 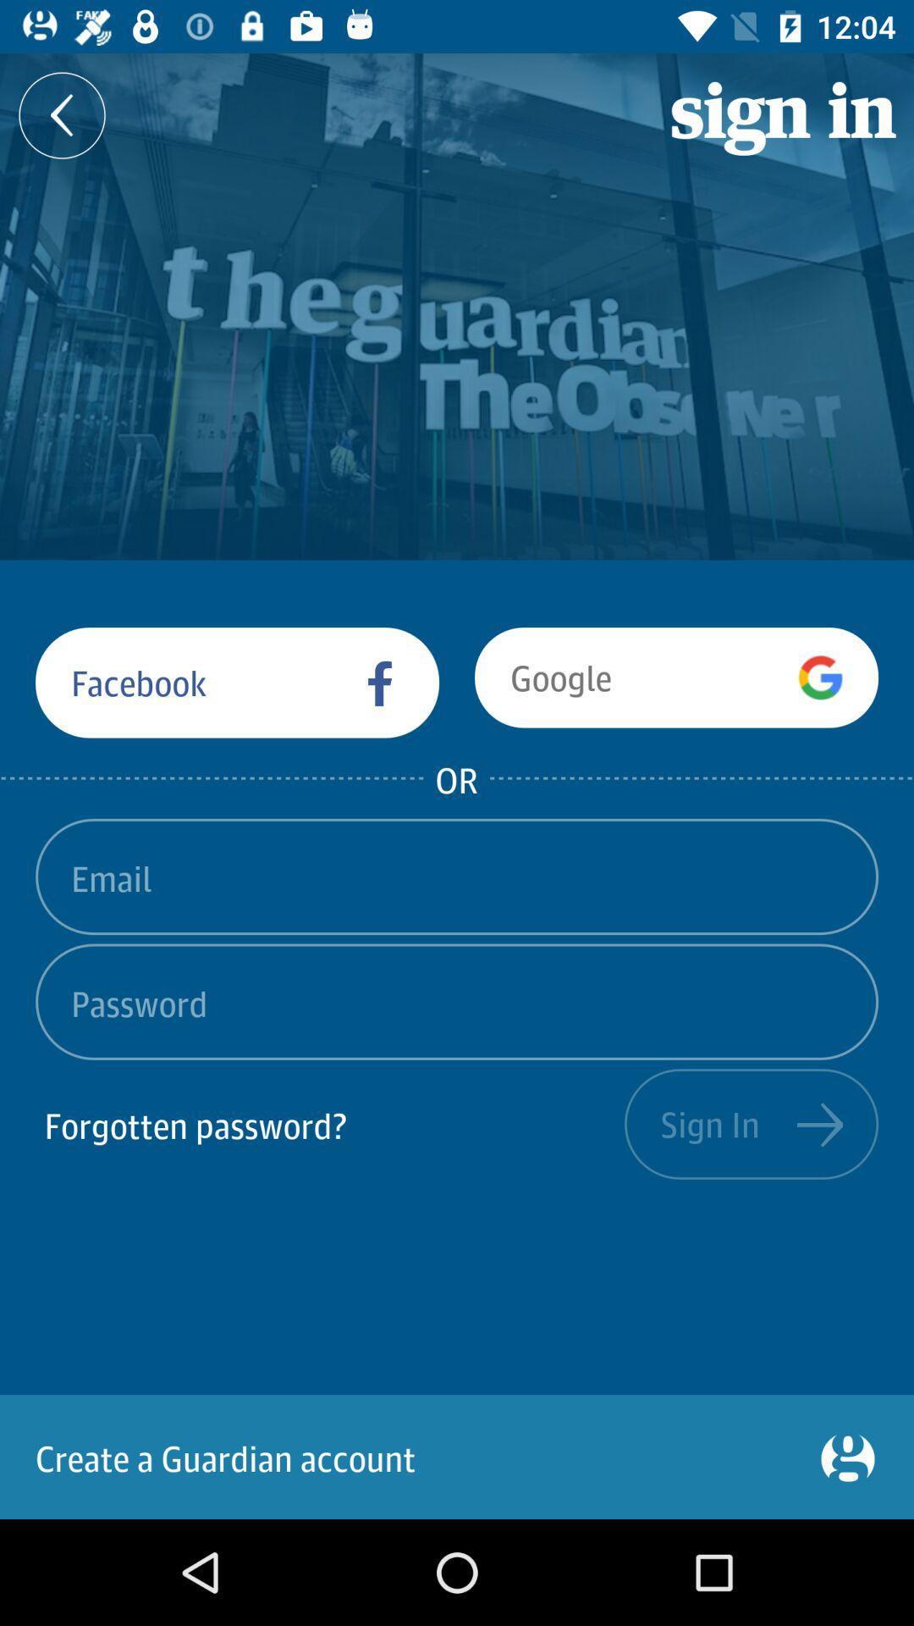 What do you see at coordinates (457, 877) in the screenshot?
I see `type email` at bounding box center [457, 877].